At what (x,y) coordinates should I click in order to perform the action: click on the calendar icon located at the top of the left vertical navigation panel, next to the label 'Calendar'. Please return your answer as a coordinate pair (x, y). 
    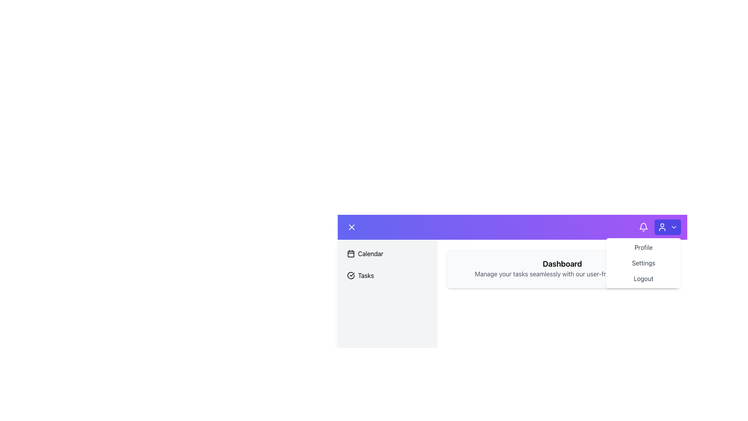
    Looking at the image, I should click on (351, 254).